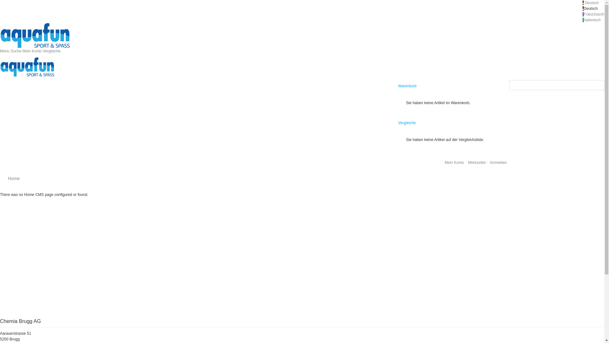 The image size is (609, 343). Describe the element at coordinates (14, 178) in the screenshot. I see `'Home'` at that location.